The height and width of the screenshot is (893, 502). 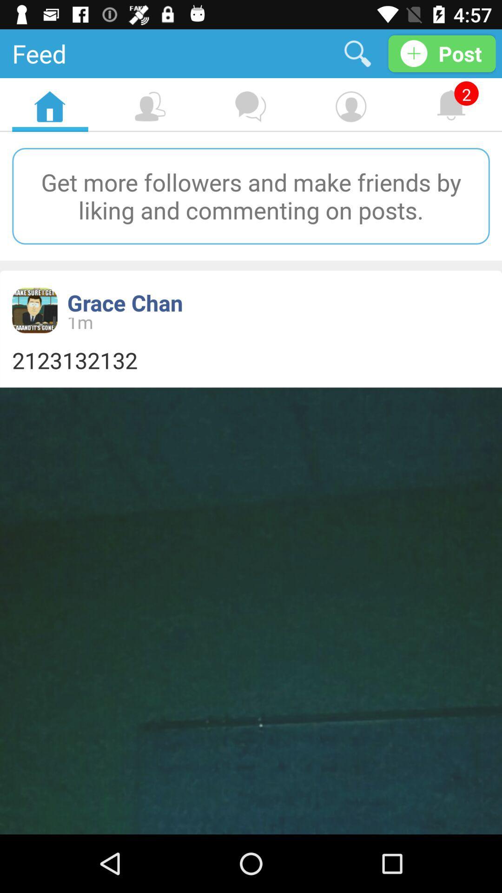 I want to click on the 2123132132, so click(x=251, y=360).